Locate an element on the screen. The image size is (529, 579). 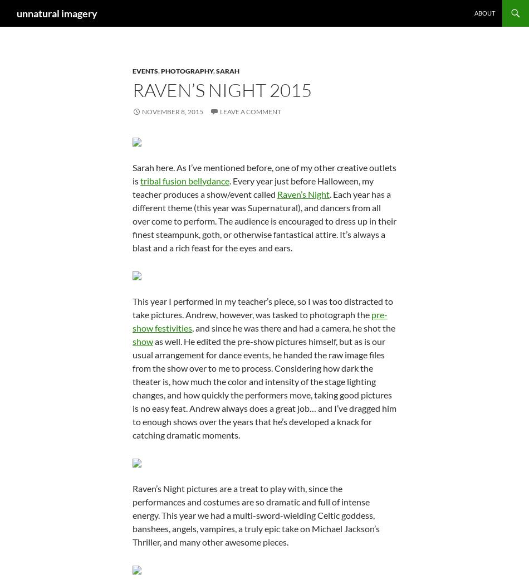
'tribal fusion bellydance' is located at coordinates (140, 181).